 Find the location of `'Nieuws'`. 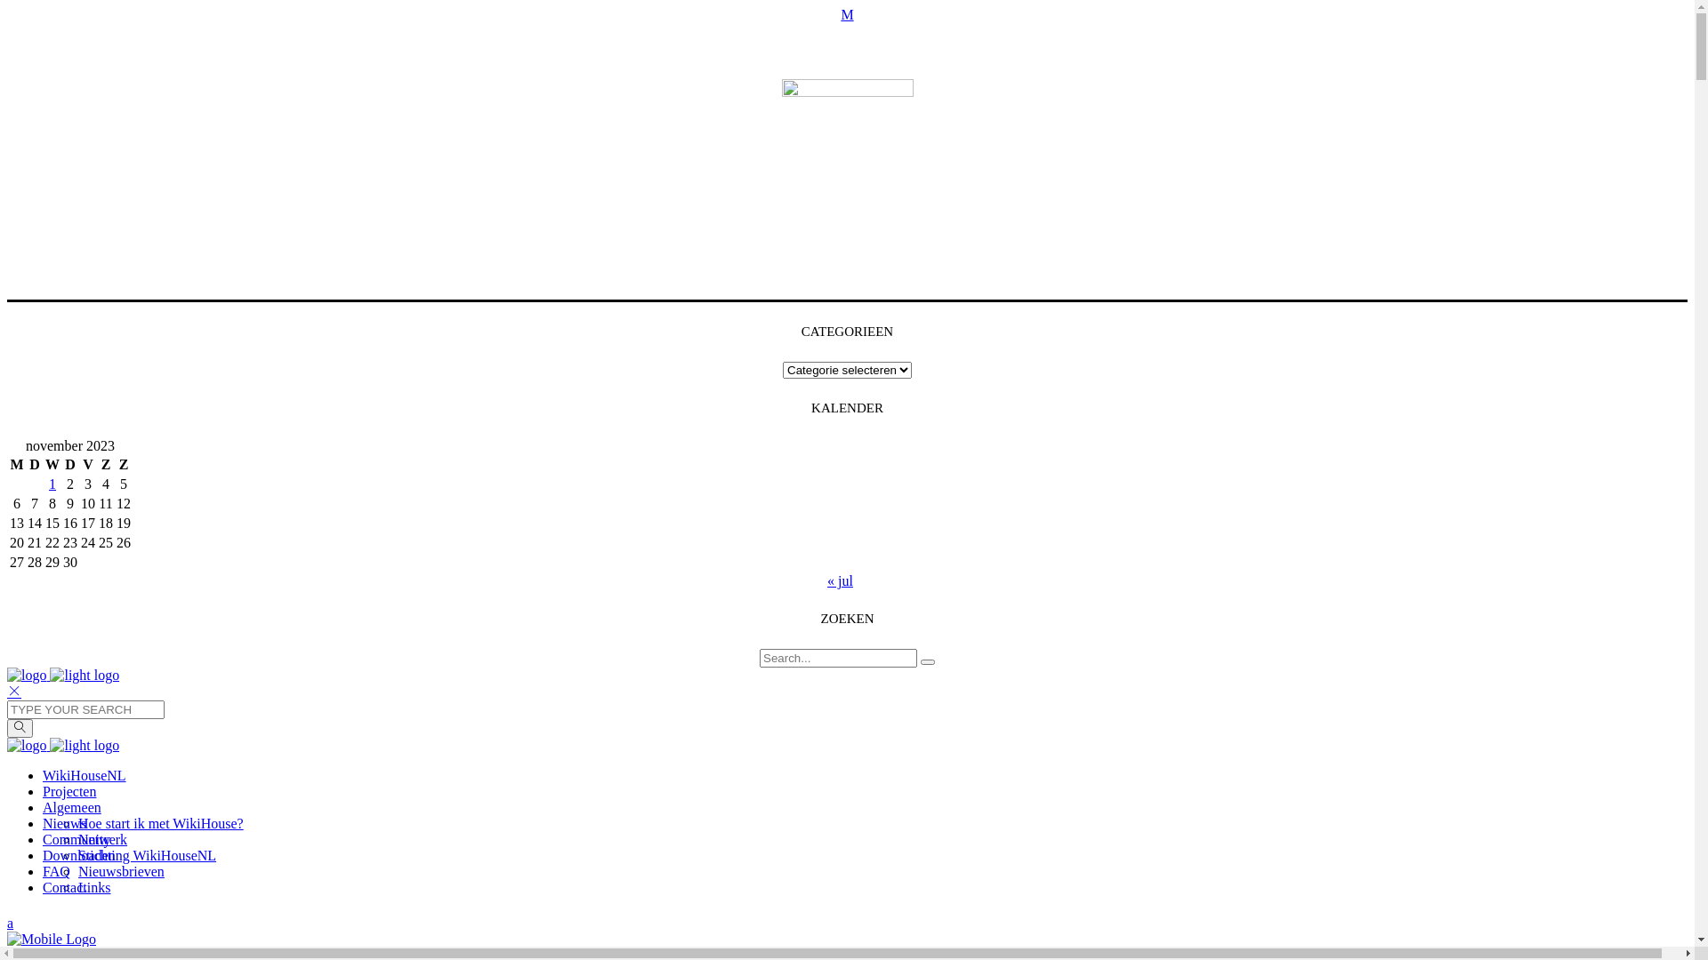

'Nieuws' is located at coordinates (64, 823).